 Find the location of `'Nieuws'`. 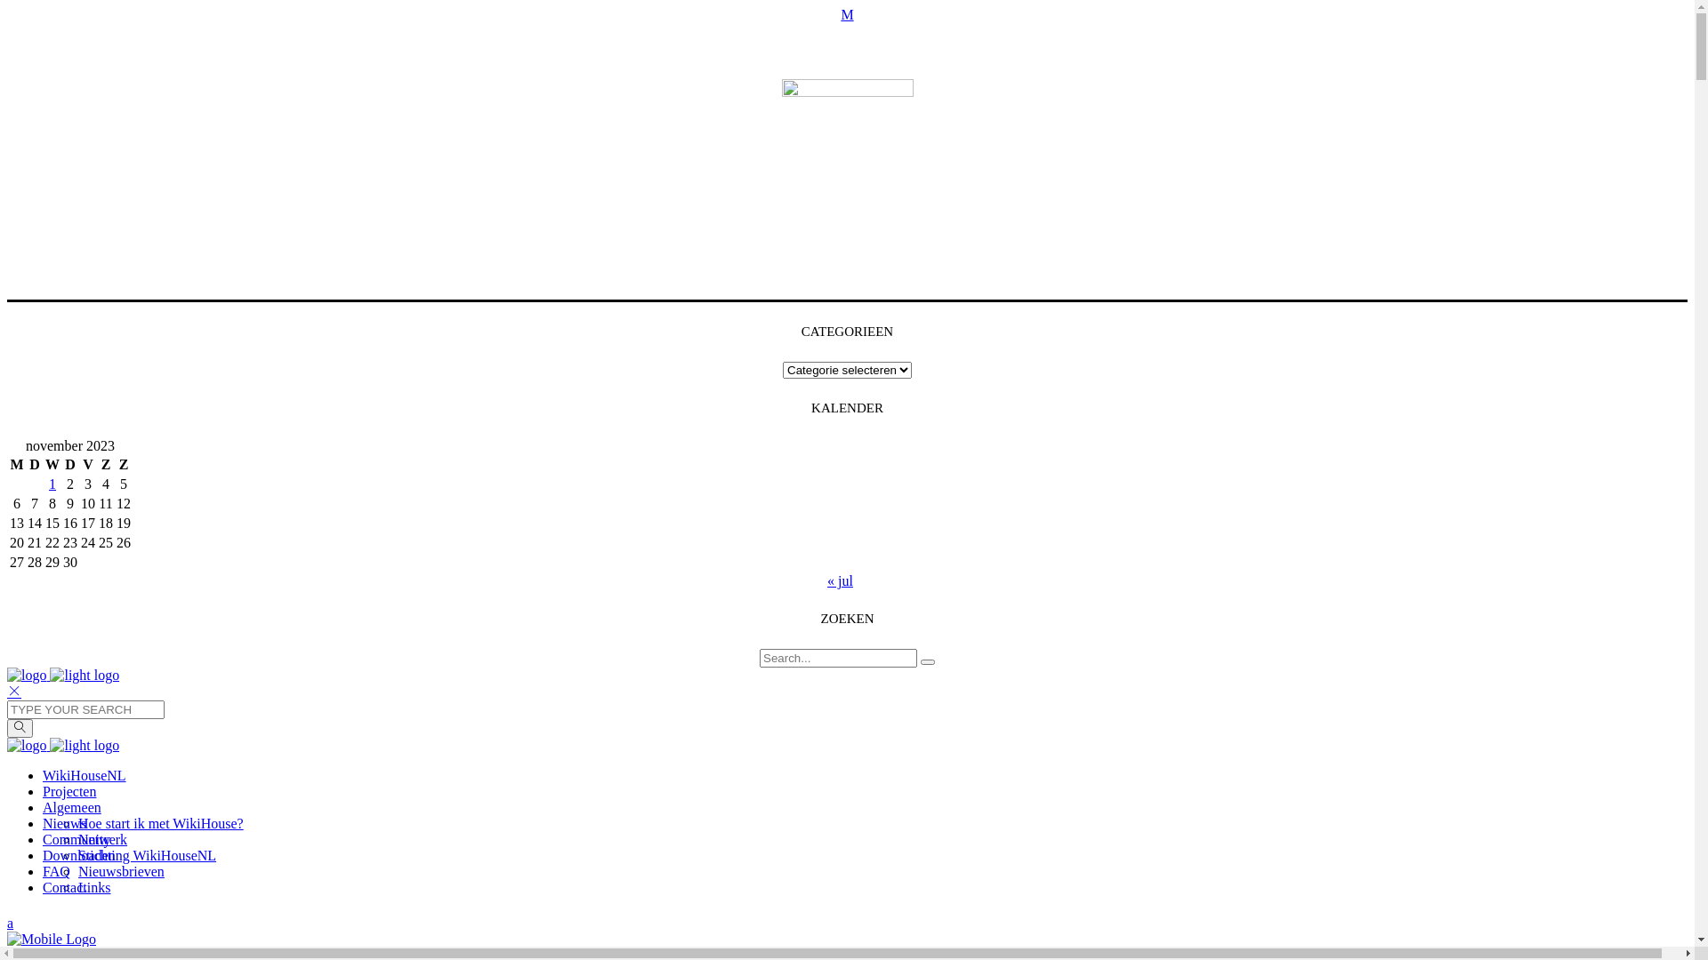

'Nieuws' is located at coordinates (64, 823).